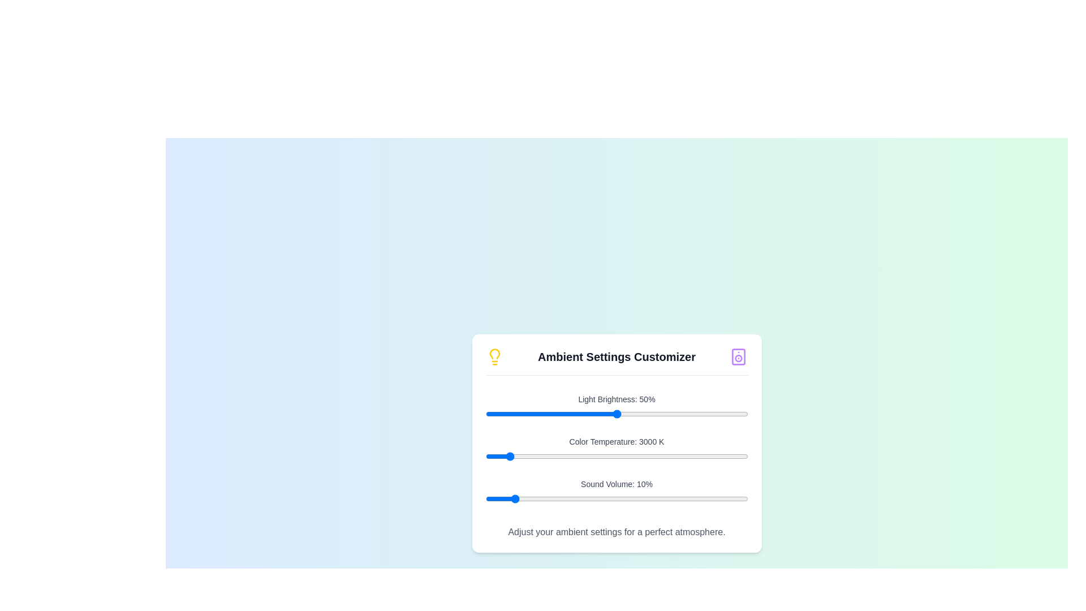 Image resolution: width=1086 pixels, height=611 pixels. I want to click on the light brightness, so click(493, 414).